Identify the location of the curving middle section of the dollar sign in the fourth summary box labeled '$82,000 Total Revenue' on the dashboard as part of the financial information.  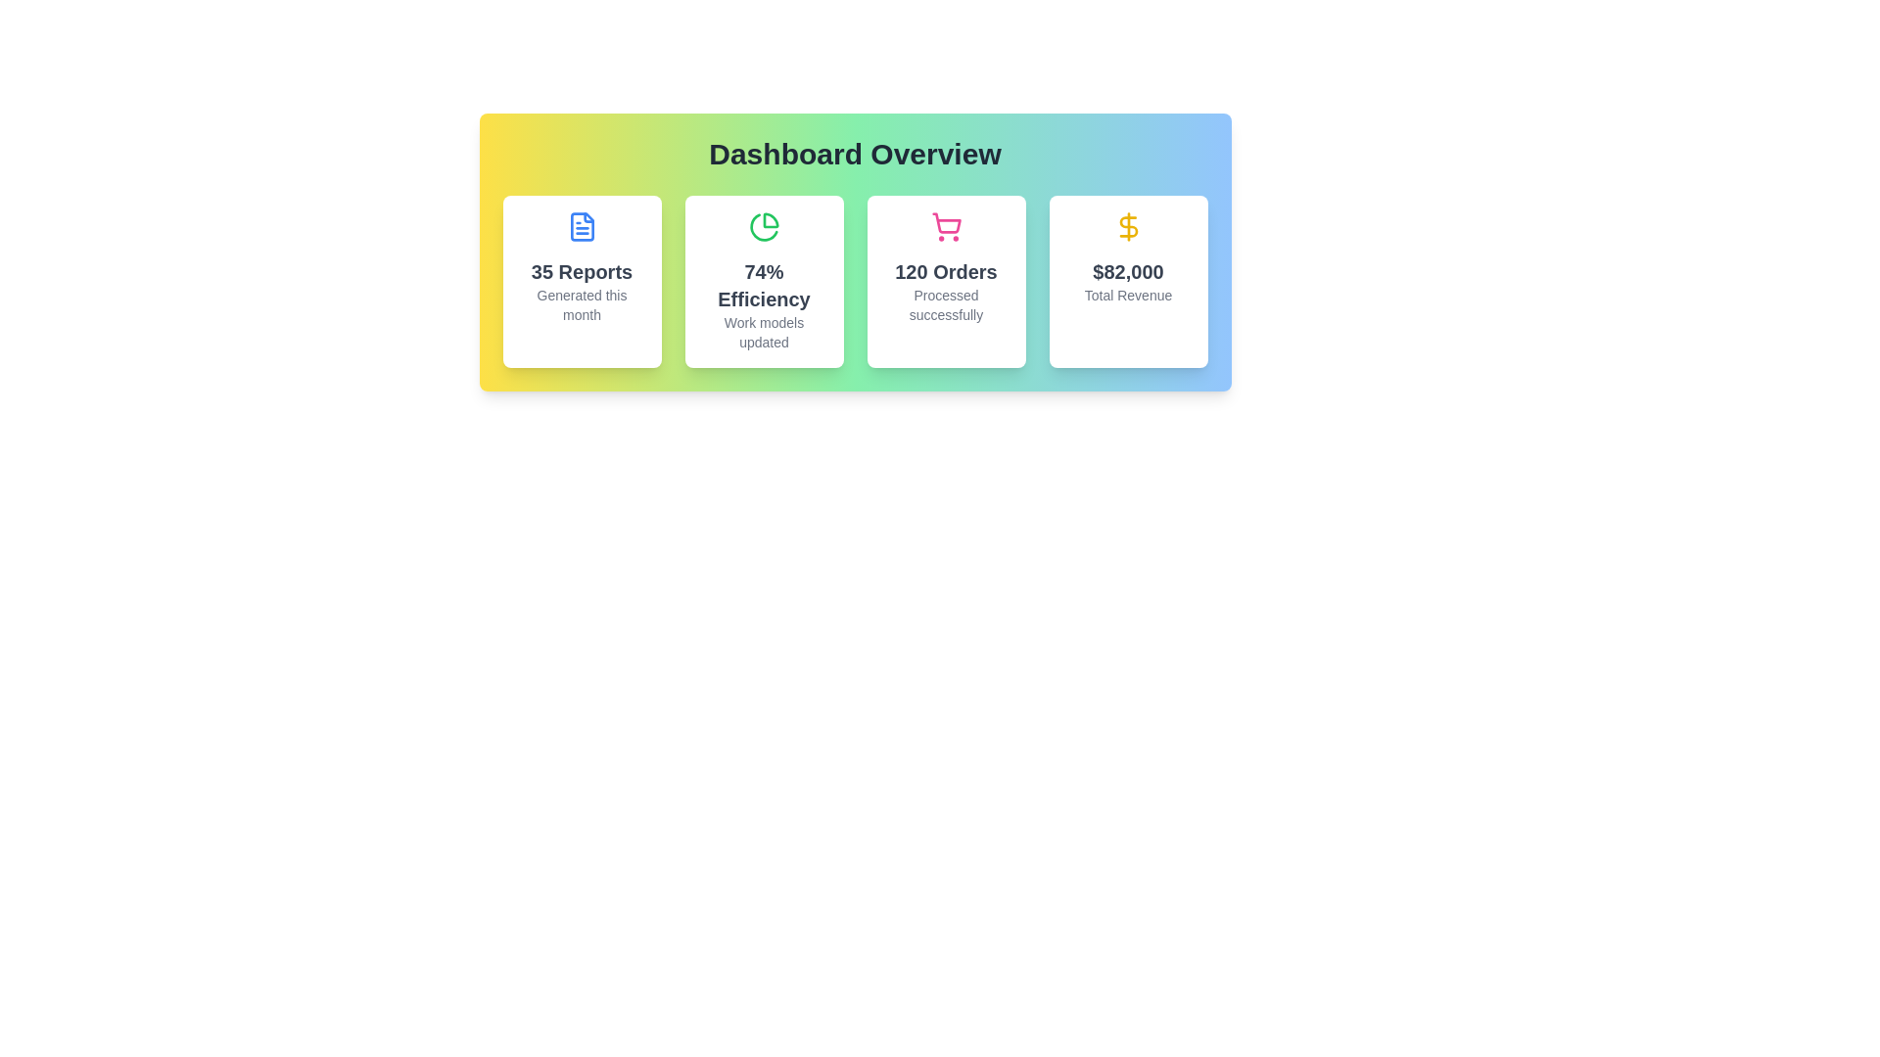
(1128, 225).